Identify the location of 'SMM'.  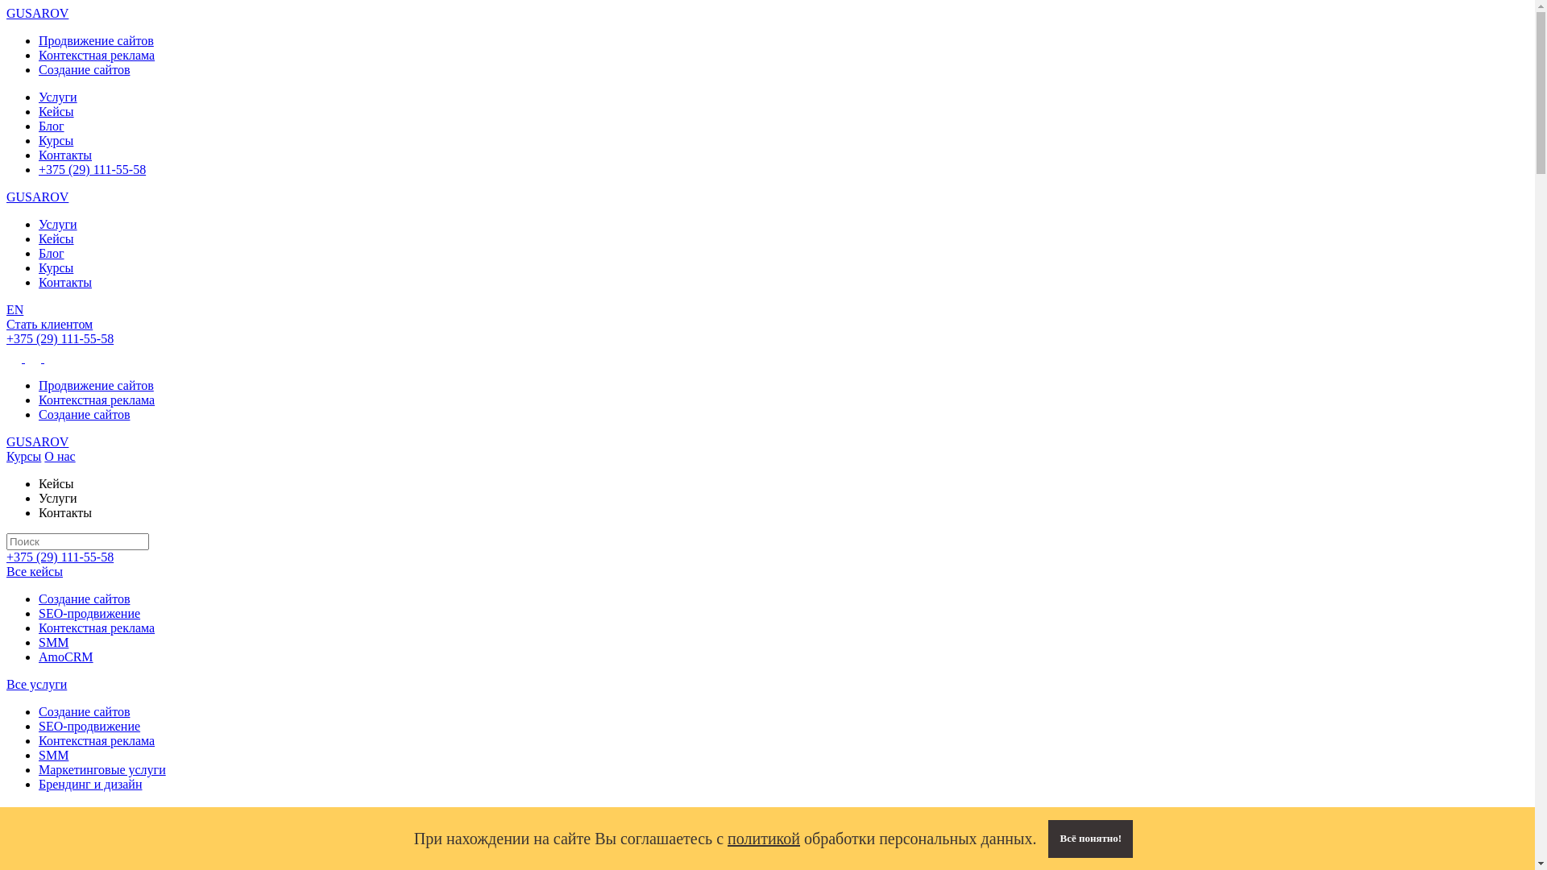
(53, 641).